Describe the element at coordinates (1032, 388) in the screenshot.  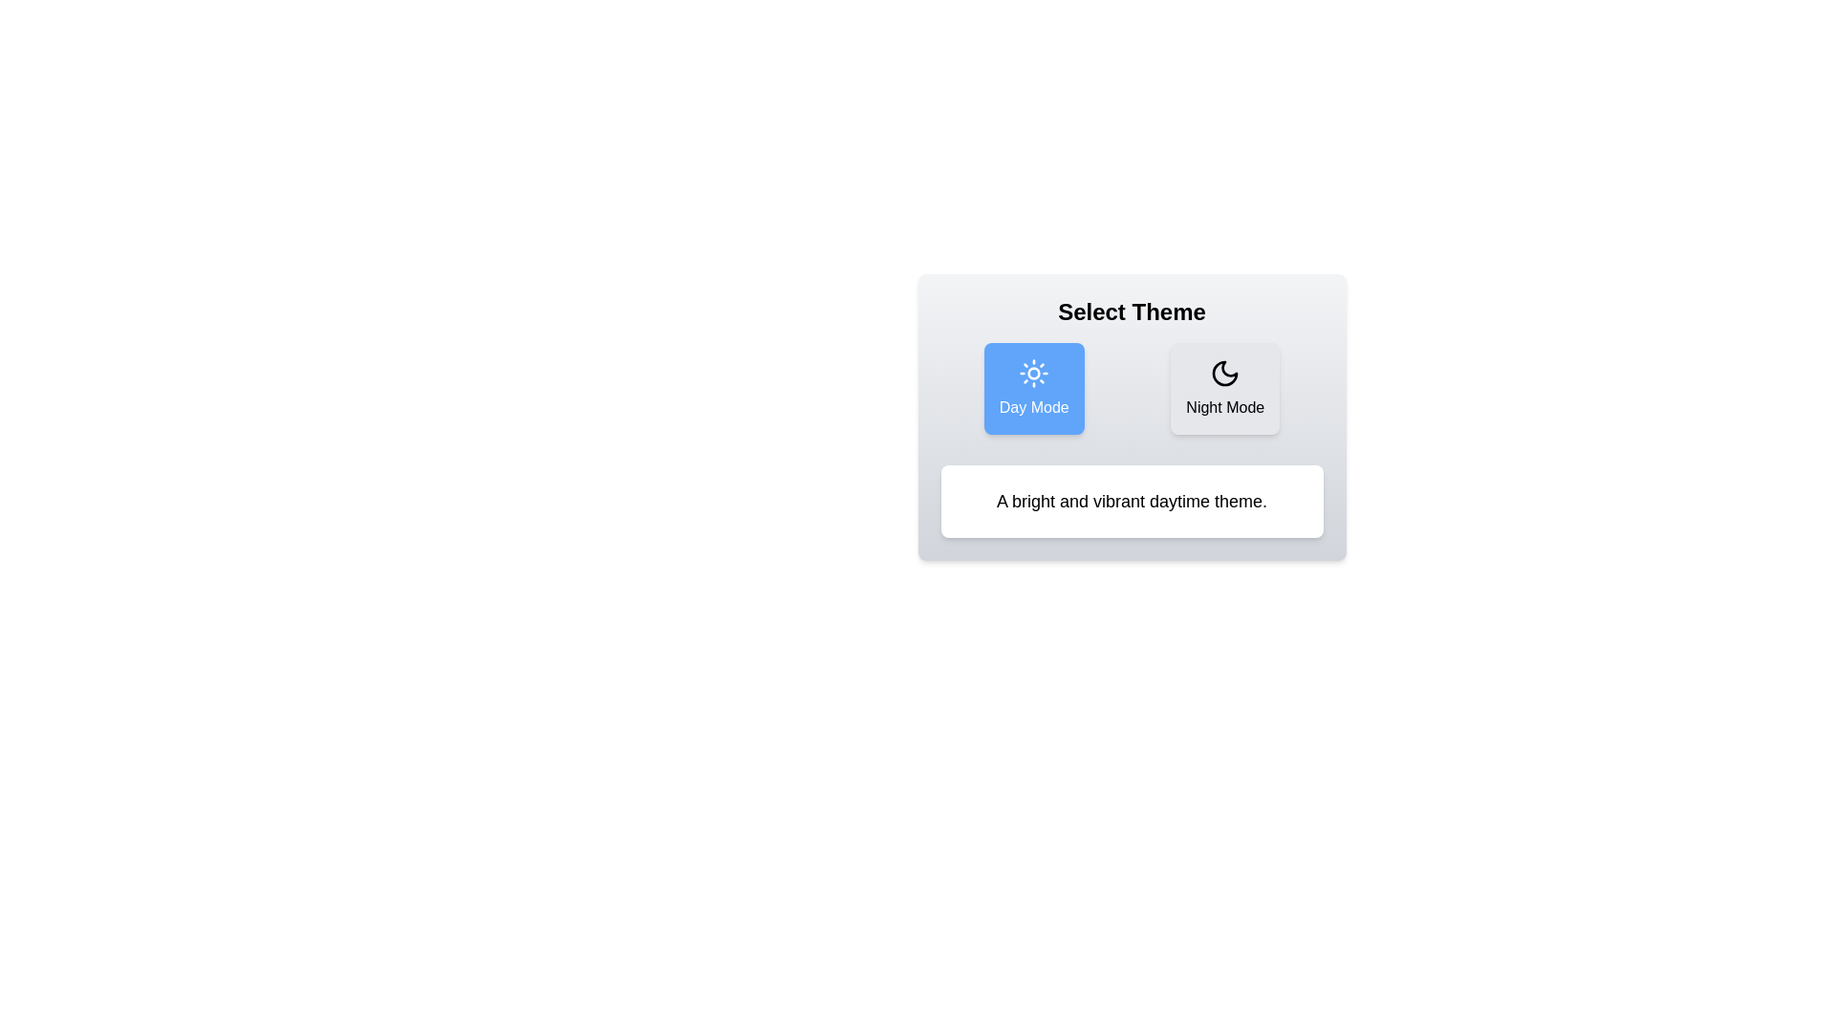
I see `the theme button to select the Day Mode mode` at that location.